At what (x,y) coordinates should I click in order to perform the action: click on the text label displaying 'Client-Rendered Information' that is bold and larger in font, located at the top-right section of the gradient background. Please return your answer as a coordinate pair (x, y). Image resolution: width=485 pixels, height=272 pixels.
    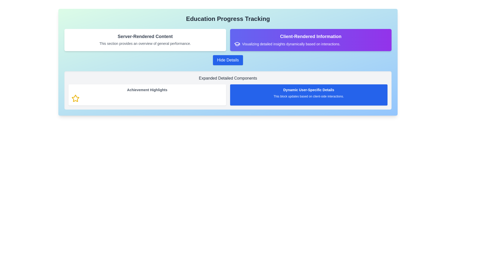
    Looking at the image, I should click on (310, 36).